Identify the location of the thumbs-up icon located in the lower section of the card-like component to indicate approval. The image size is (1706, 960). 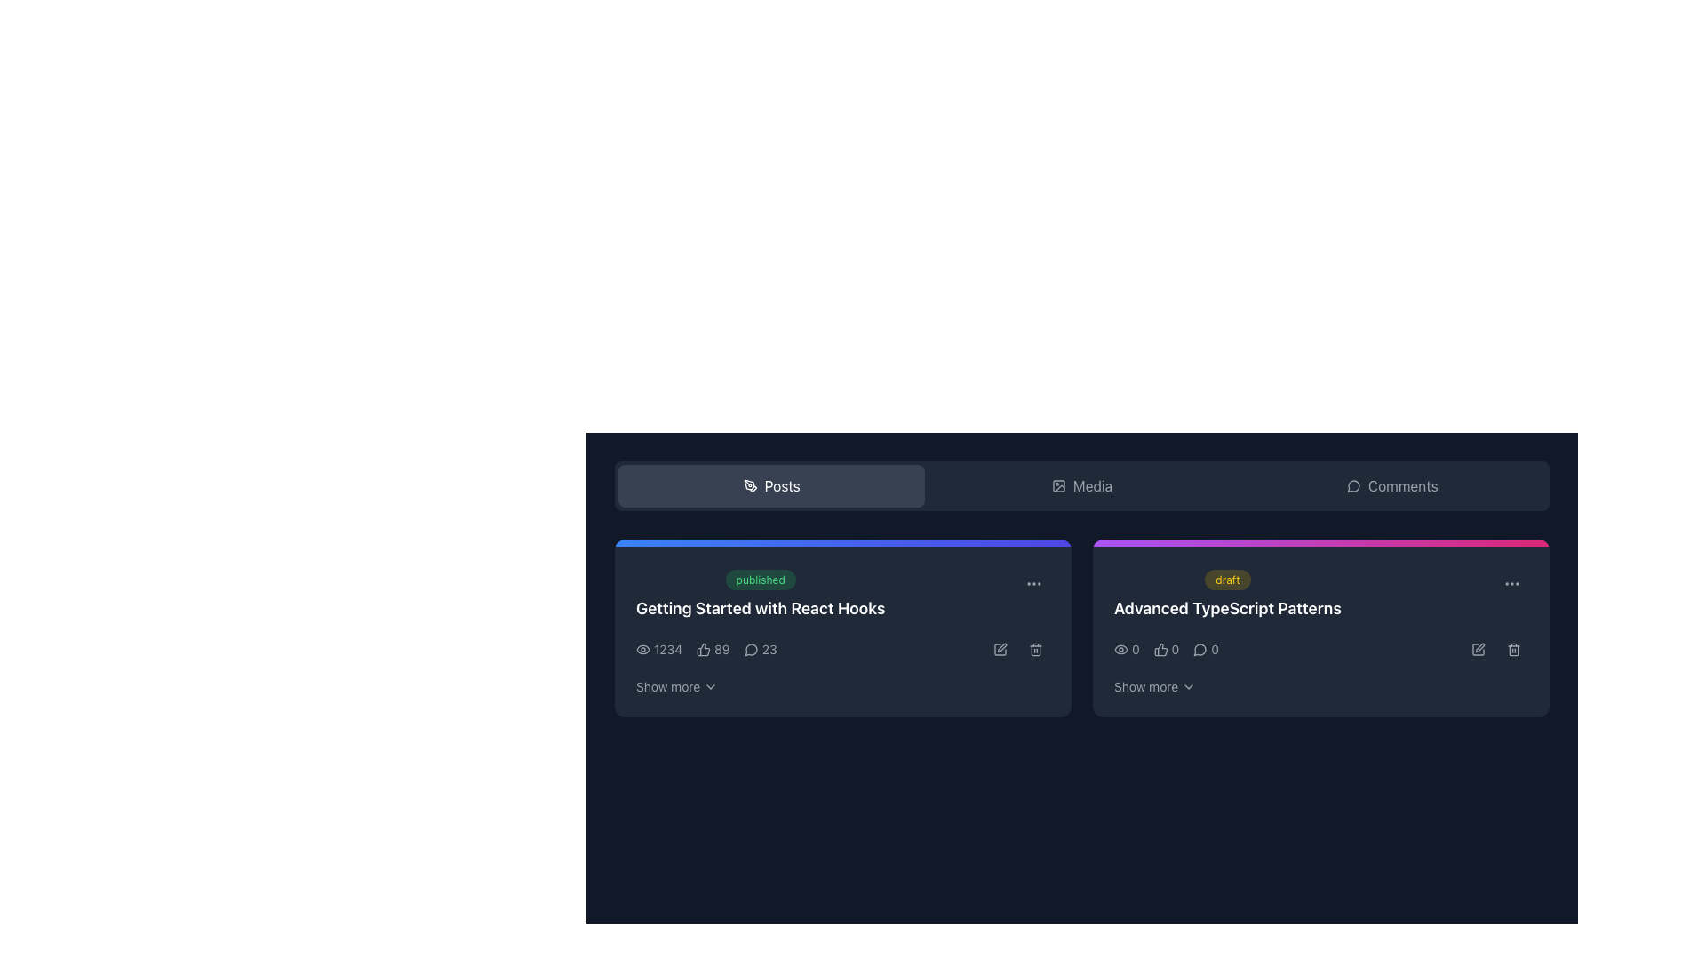
(1160, 650).